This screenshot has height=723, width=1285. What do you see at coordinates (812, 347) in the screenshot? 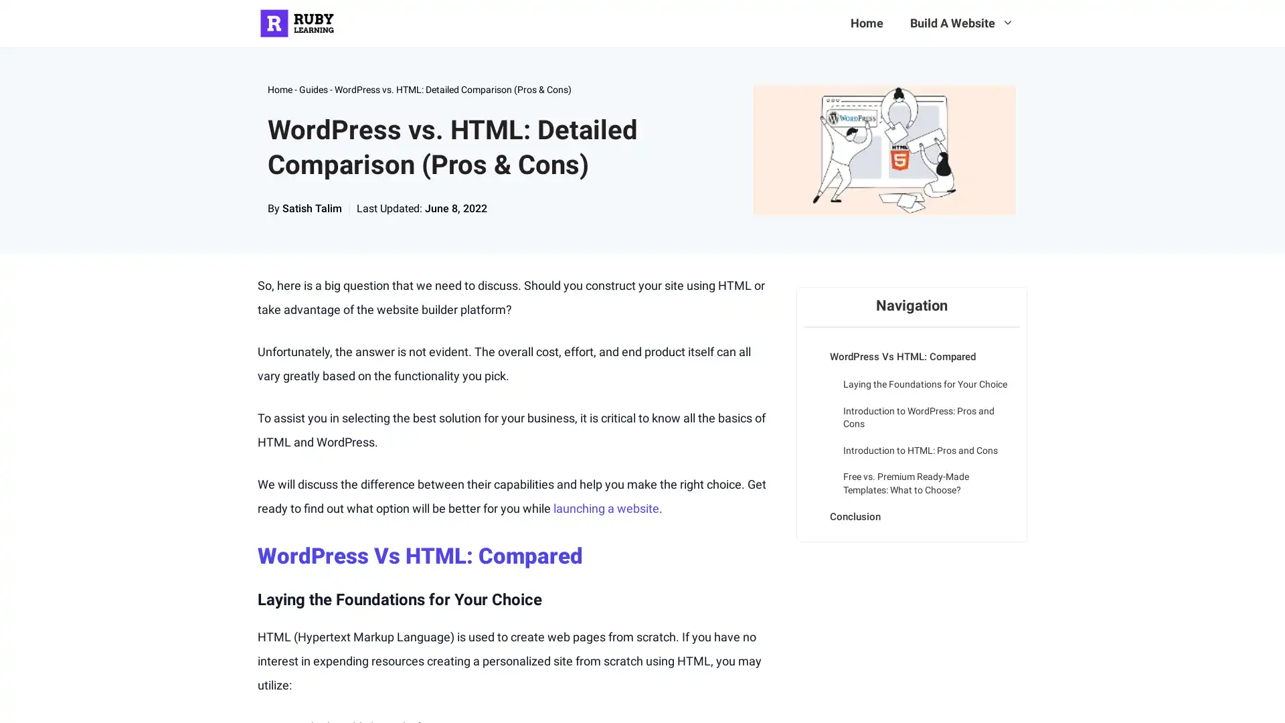
I see `Expand or collapse` at bounding box center [812, 347].